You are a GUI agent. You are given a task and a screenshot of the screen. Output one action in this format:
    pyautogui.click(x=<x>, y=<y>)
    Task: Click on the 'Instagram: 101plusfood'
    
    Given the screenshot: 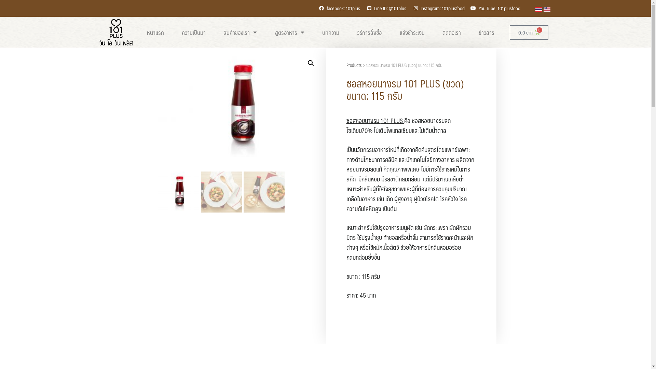 What is the action you would take?
    pyautogui.click(x=438, y=8)
    